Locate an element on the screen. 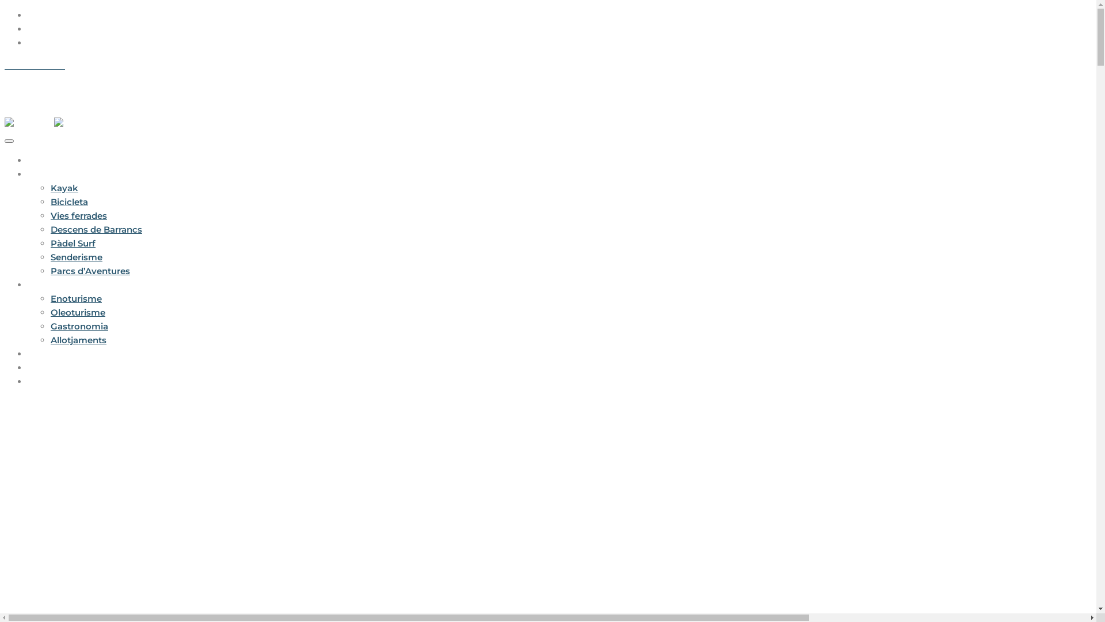 The height and width of the screenshot is (622, 1105). 'Enoturisme' is located at coordinates (49, 298).